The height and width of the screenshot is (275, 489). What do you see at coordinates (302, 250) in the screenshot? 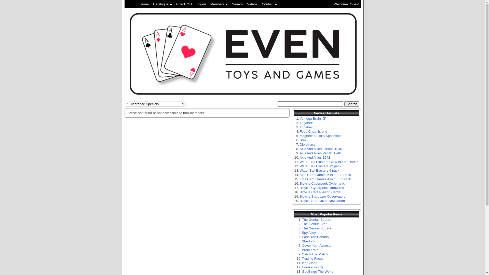
I see `'Brain Train'` at bounding box center [302, 250].